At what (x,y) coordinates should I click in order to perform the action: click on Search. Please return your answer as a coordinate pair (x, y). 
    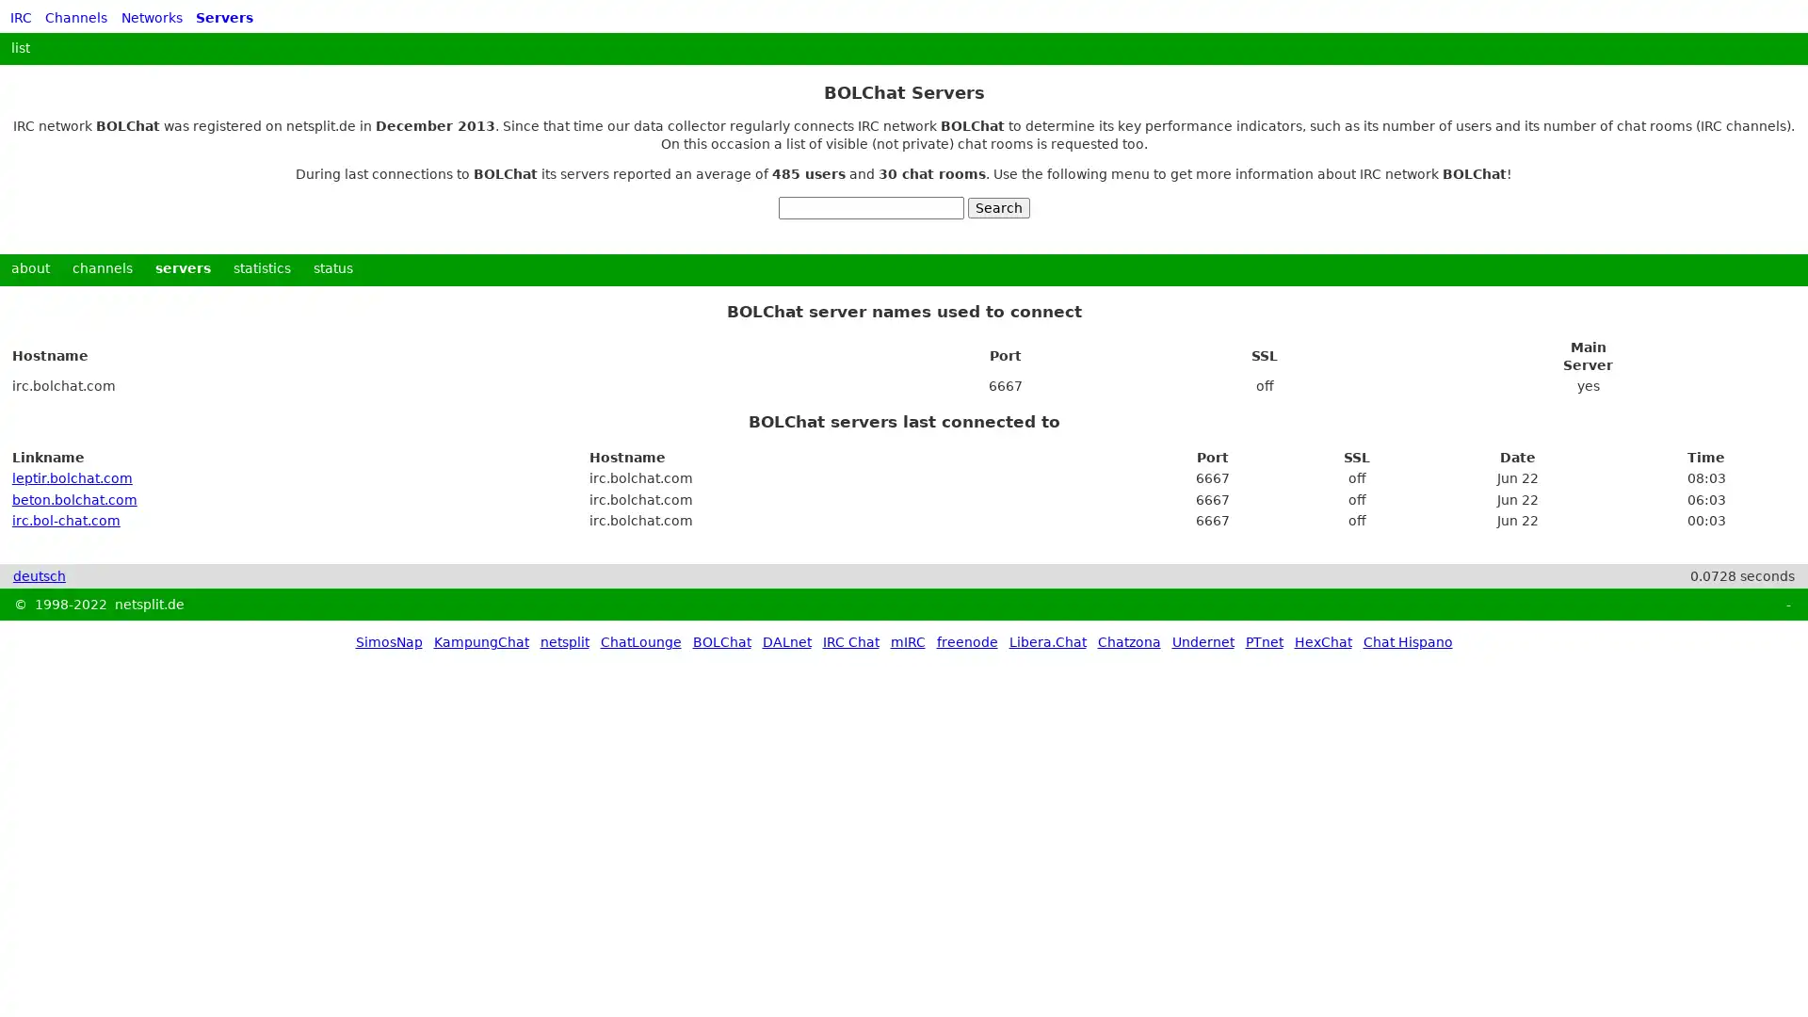
    Looking at the image, I should click on (997, 206).